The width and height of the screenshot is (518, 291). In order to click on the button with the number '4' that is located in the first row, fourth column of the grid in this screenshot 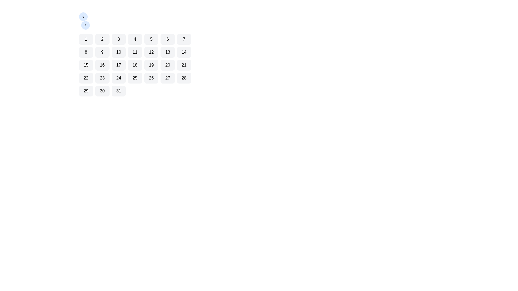, I will do `click(135, 39)`.